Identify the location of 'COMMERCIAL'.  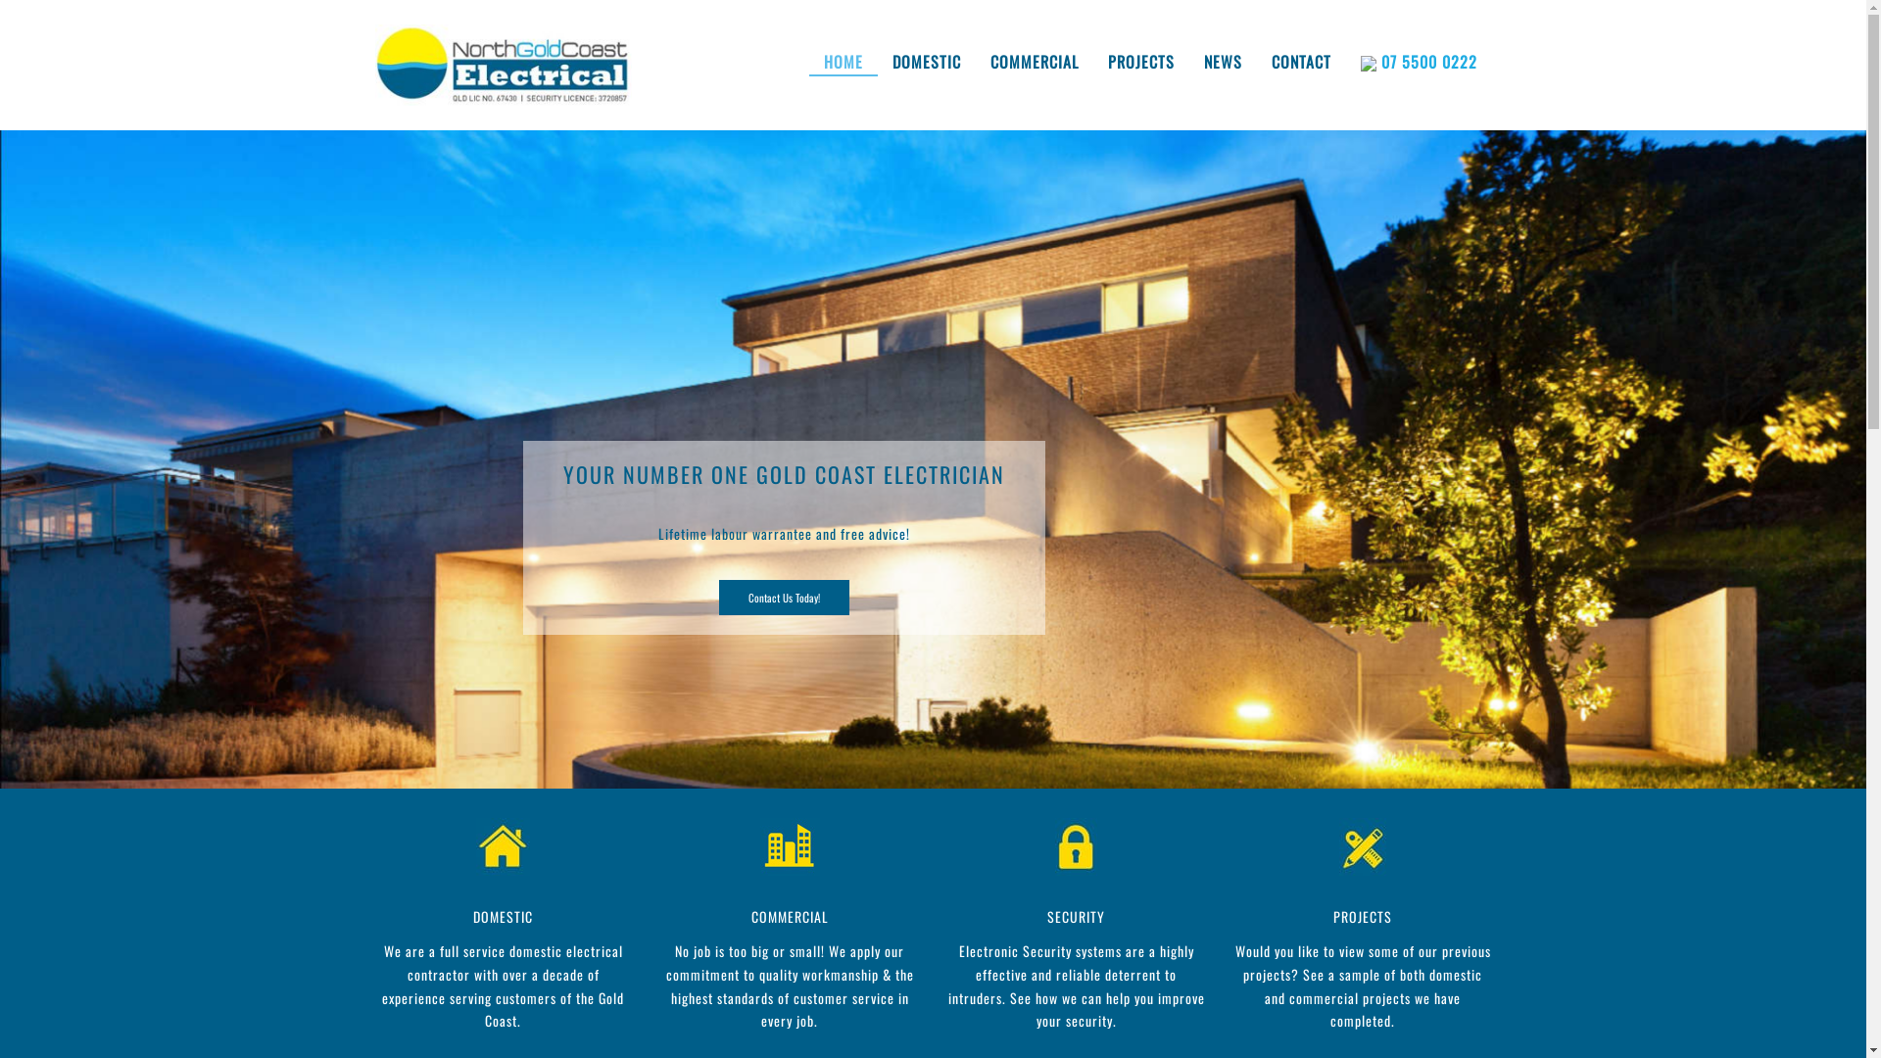
(790, 916).